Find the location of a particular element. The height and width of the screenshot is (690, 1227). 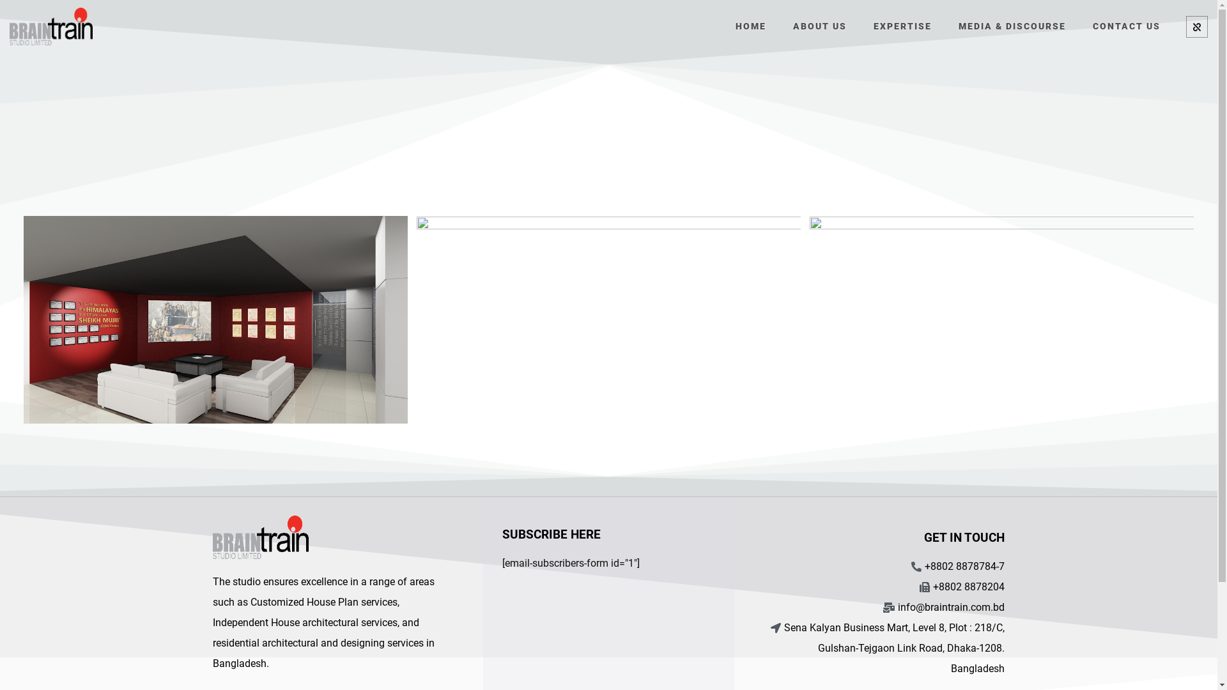

'EXPERTISE' is located at coordinates (902, 25).